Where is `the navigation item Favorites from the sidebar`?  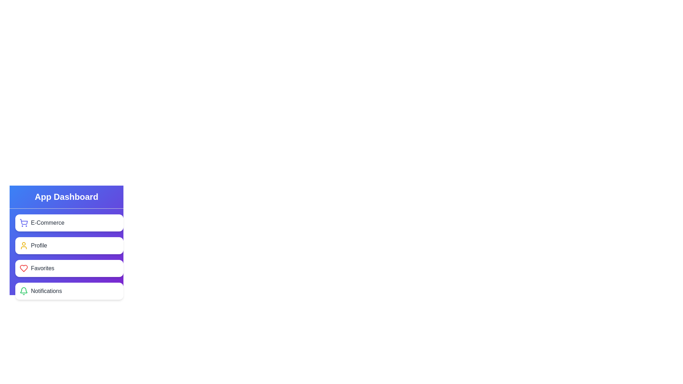
the navigation item Favorites from the sidebar is located at coordinates (69, 268).